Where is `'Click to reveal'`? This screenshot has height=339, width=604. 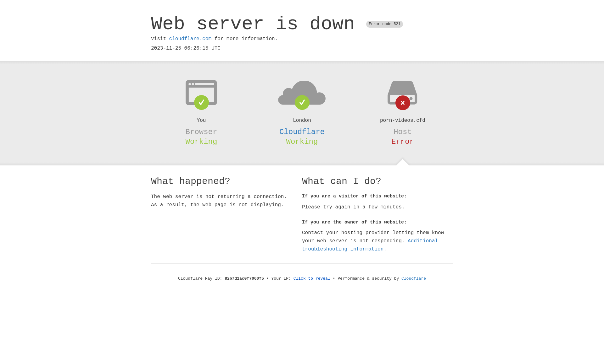 'Click to reveal' is located at coordinates (312, 278).